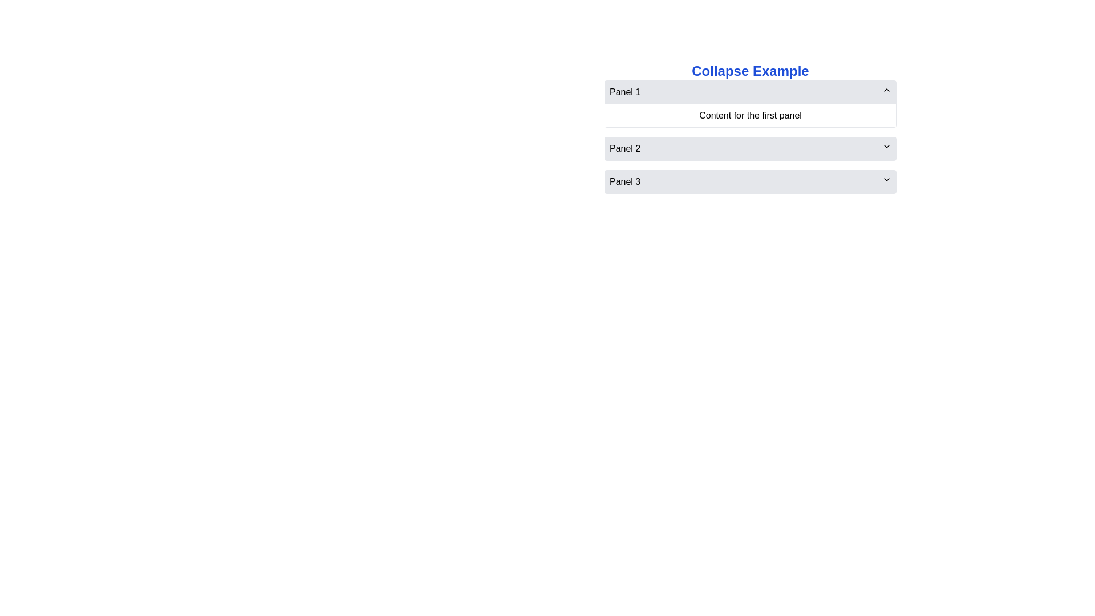  I want to click on the 'Panel 3' text label, which is part of the header for the third collapsible panel, displaying in black font on a light gray background, so click(624, 181).